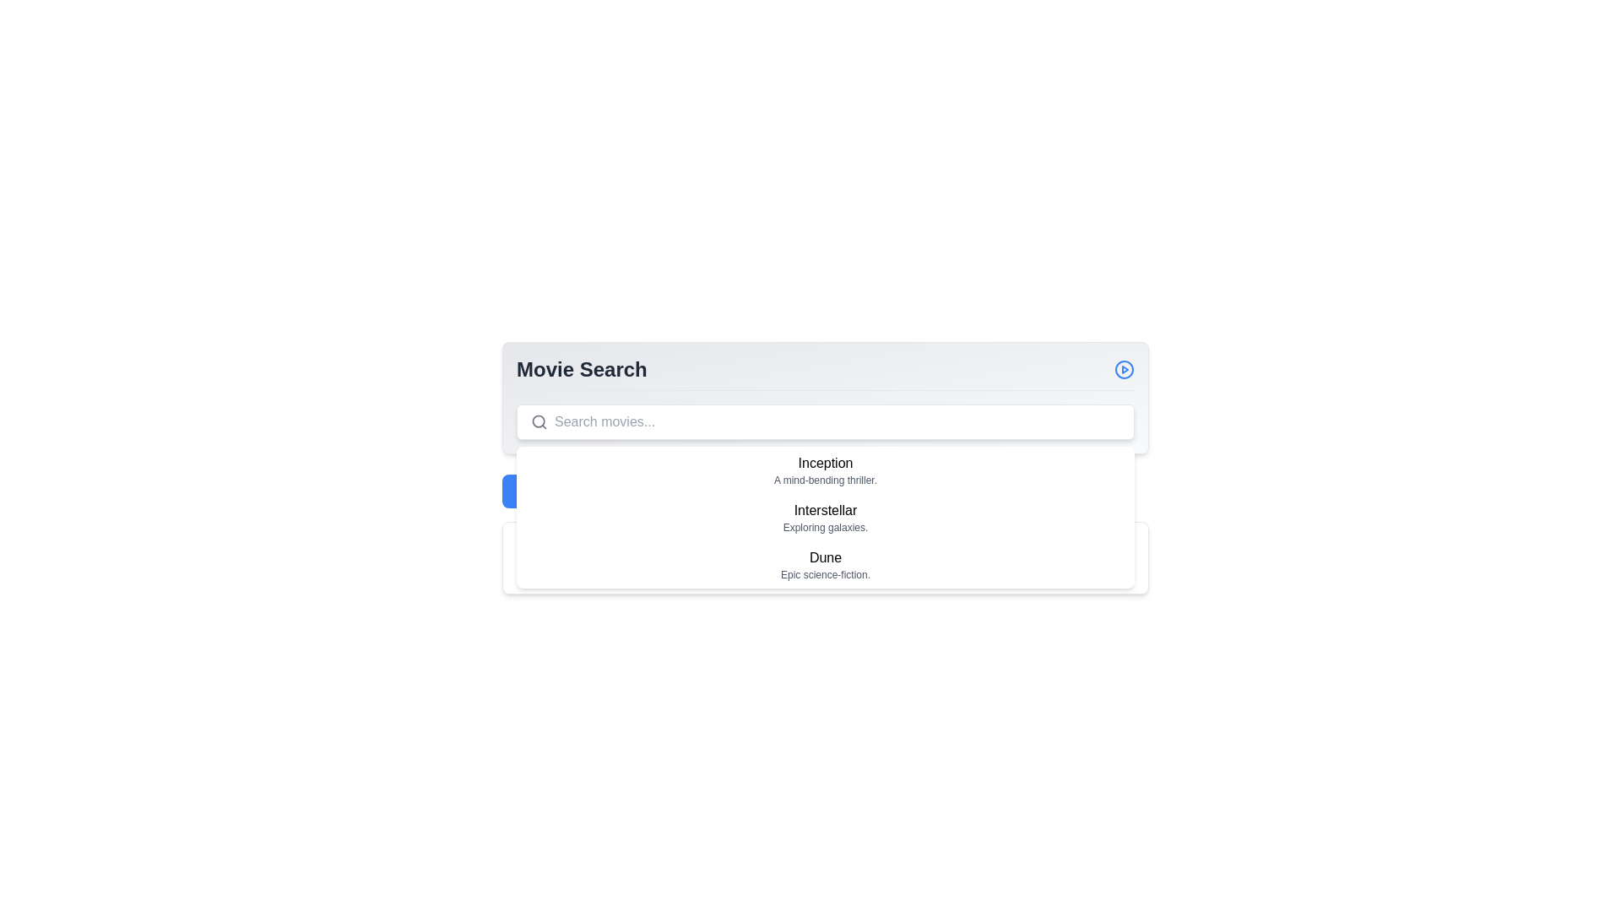 Image resolution: width=1621 pixels, height=912 pixels. Describe the element at coordinates (538, 421) in the screenshot. I see `the SVG-based magnifying glass icon, which signifies the search functionality of the input field` at that location.